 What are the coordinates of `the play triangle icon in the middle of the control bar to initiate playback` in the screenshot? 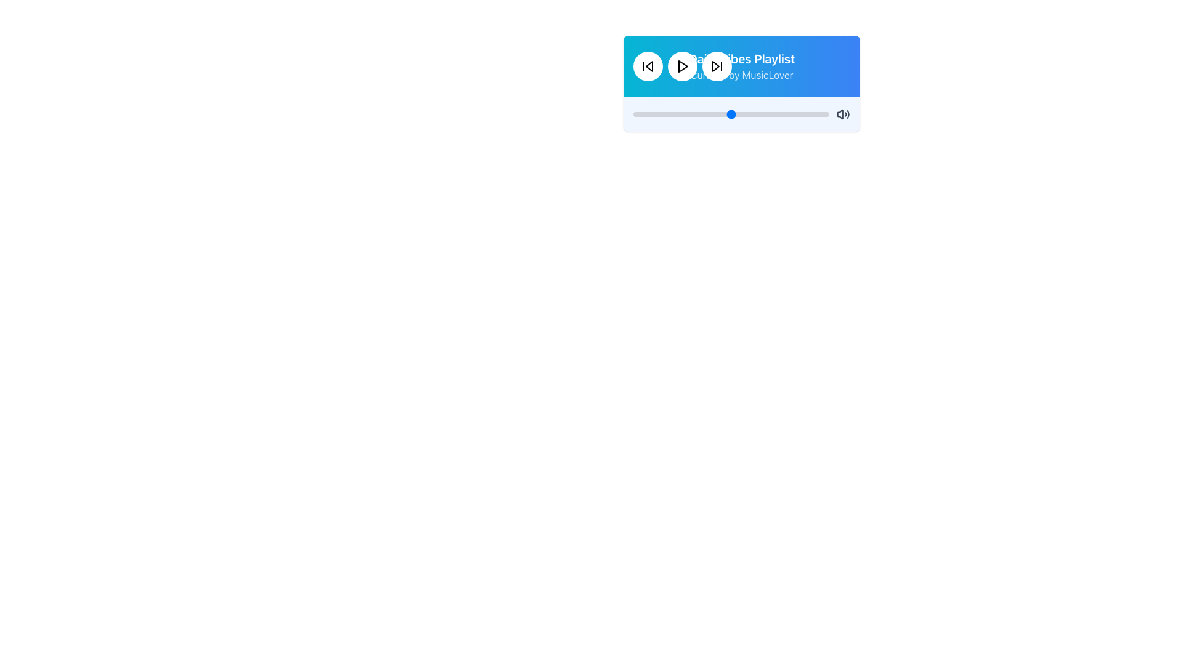 It's located at (682, 66).